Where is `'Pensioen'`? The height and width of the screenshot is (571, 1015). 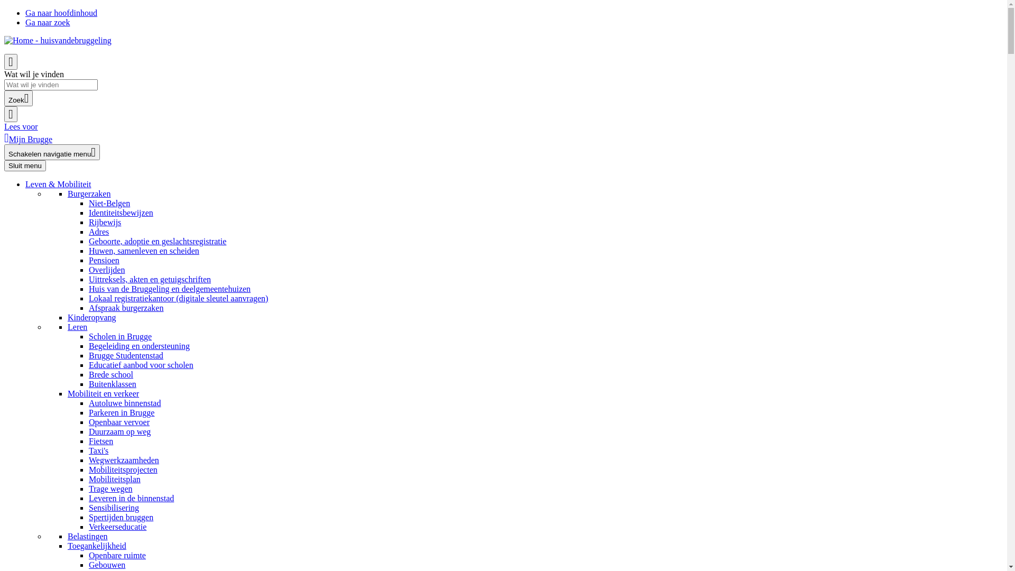 'Pensioen' is located at coordinates (104, 260).